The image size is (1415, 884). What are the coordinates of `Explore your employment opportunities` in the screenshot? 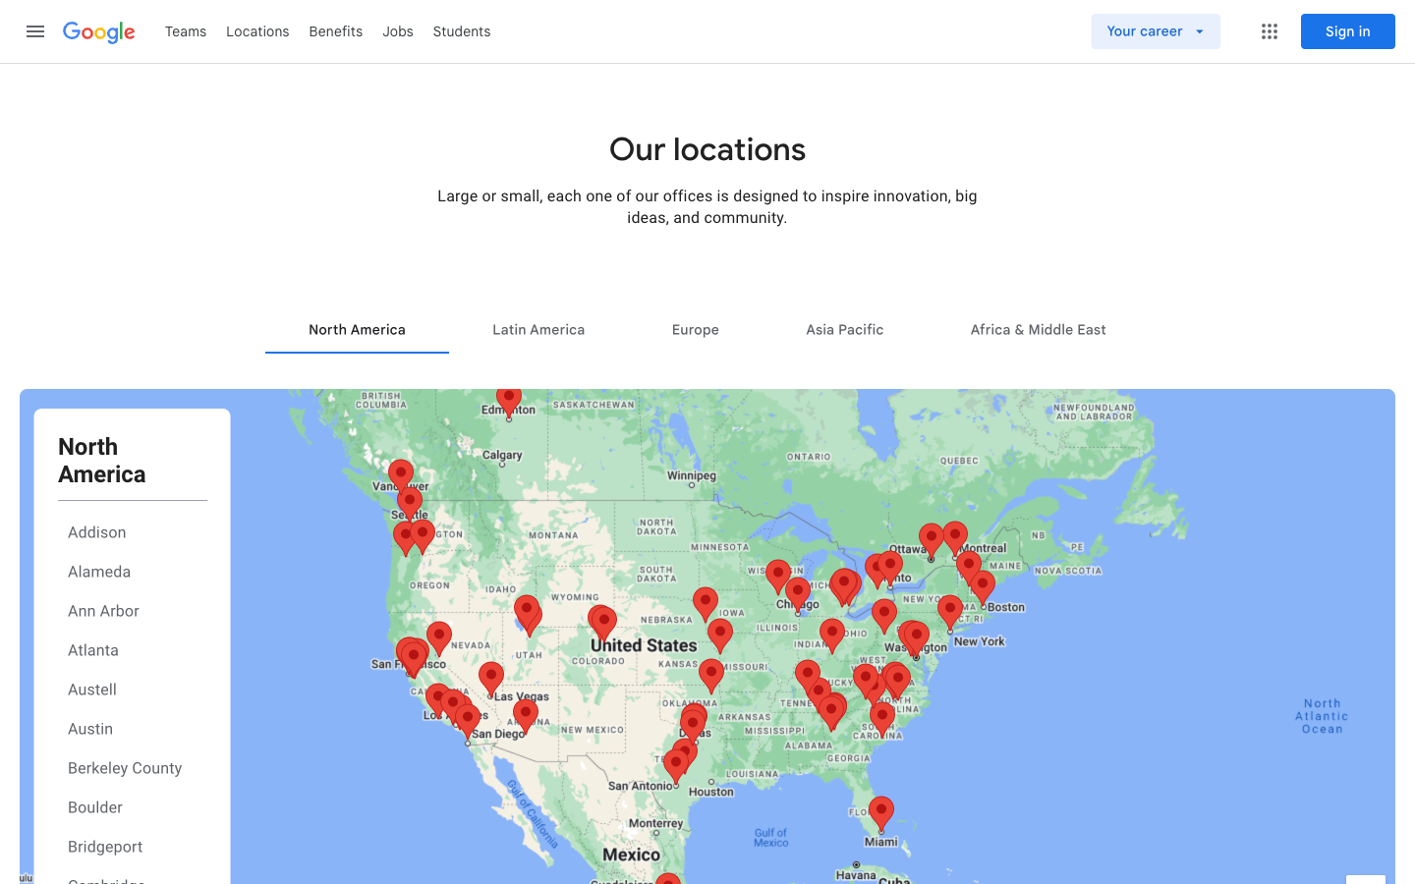 It's located at (1184, 30).